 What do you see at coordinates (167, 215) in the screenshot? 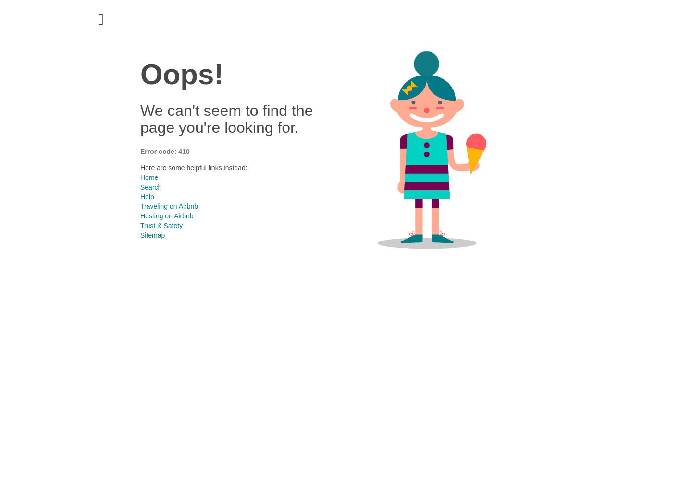
I see `'Hosting on Airbnb'` at bounding box center [167, 215].